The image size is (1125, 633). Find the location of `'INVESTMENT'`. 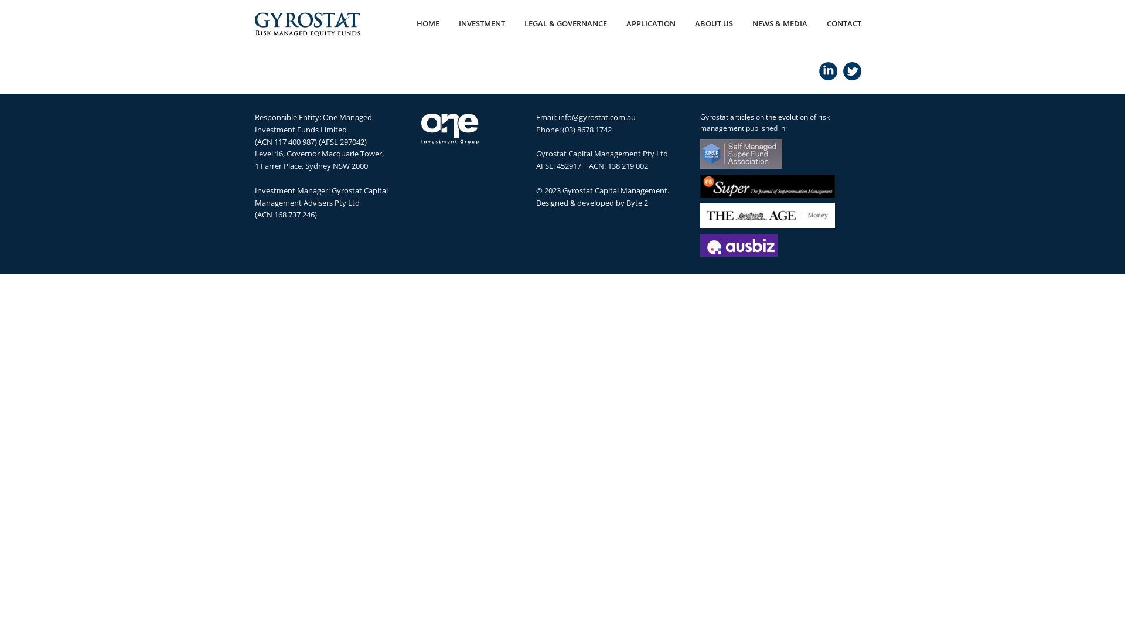

'INVESTMENT' is located at coordinates (482, 23).